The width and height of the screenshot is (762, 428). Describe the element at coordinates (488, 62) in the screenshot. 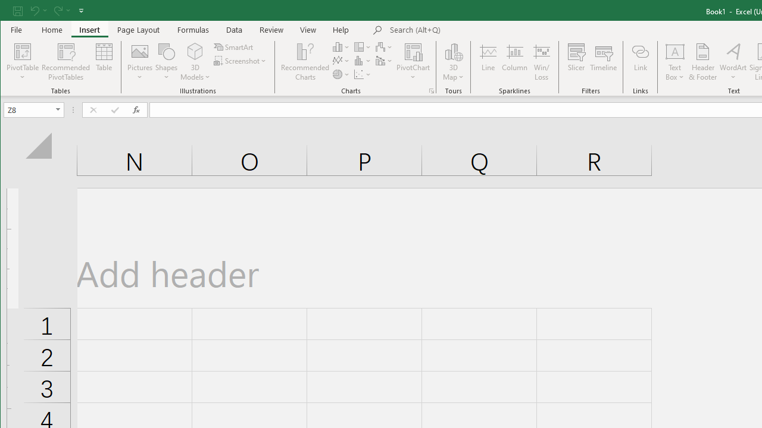

I see `'Line'` at that location.